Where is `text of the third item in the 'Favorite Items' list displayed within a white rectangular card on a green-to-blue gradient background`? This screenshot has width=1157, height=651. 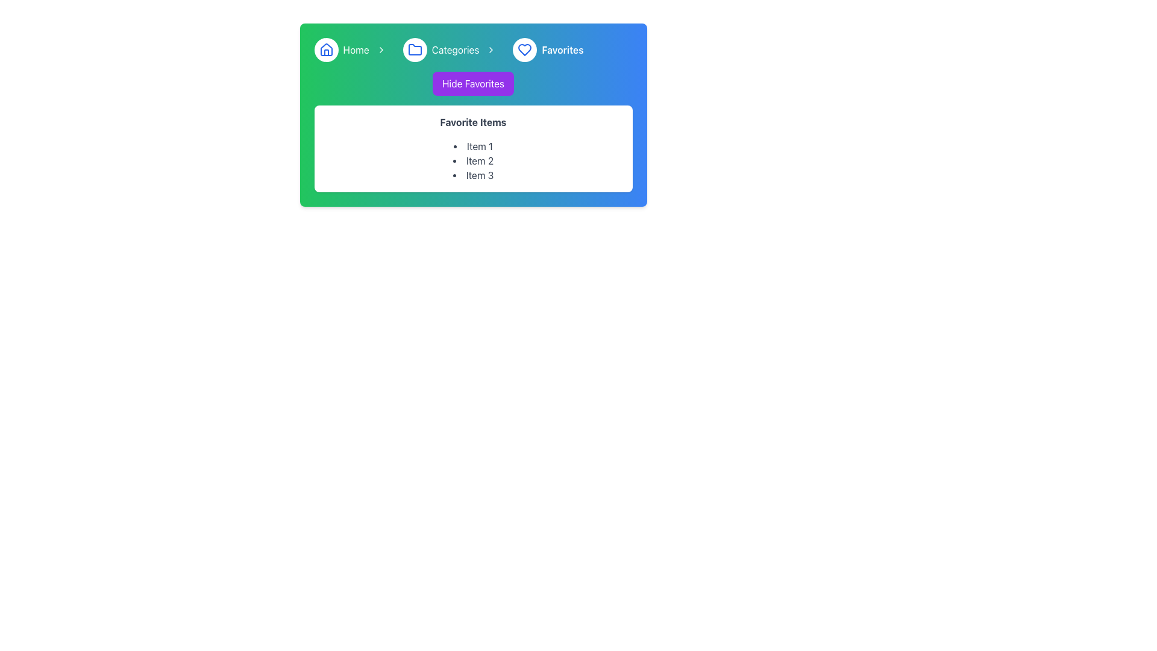
text of the third item in the 'Favorite Items' list displayed within a white rectangular card on a green-to-blue gradient background is located at coordinates (472, 175).